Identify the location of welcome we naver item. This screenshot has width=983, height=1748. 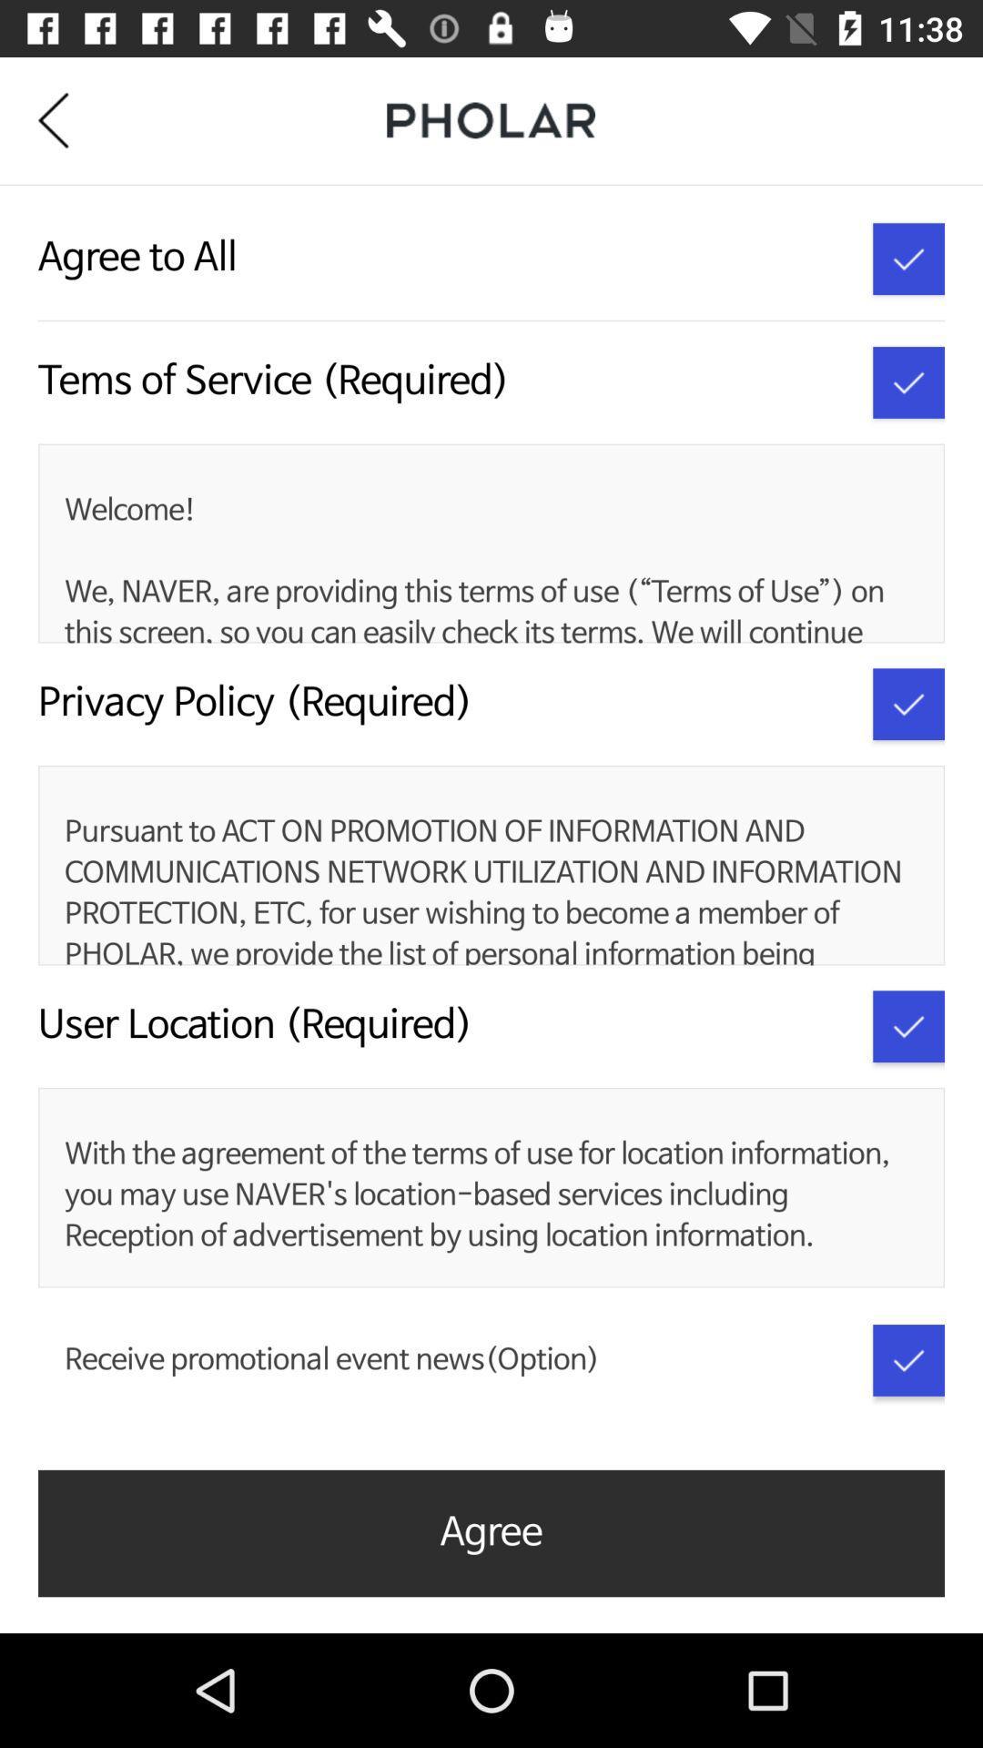
(486, 567).